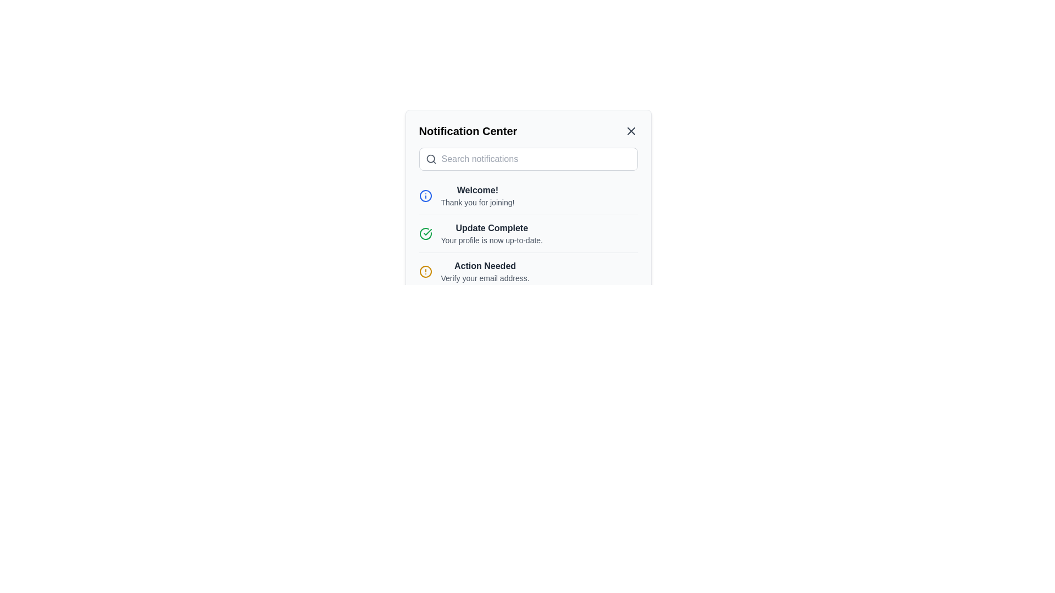 The height and width of the screenshot is (593, 1055). What do you see at coordinates (491, 240) in the screenshot?
I see `text contained in the descriptive feedback message indicating the successful completion of the profile update, located below the 'Update Complete' heading in the second notification entry of the 'Notification Center'` at bounding box center [491, 240].